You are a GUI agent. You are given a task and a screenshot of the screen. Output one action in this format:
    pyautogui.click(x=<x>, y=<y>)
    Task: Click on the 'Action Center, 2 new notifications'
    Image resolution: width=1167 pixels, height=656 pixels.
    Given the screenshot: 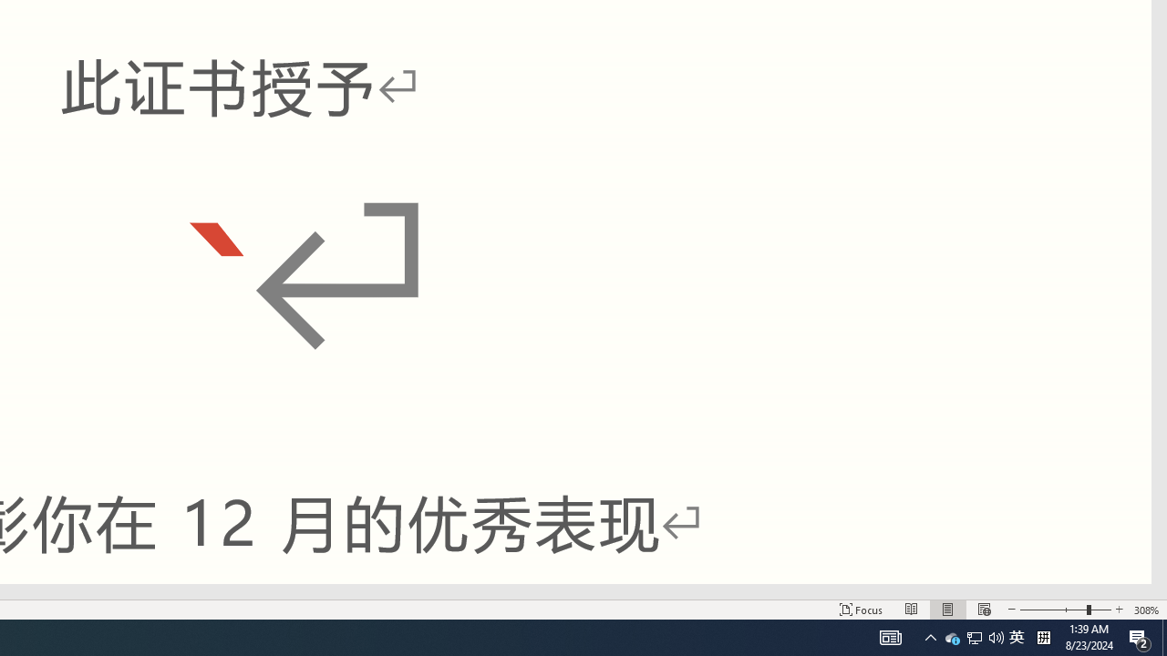 What is the action you would take?
    pyautogui.click(x=1140, y=636)
    